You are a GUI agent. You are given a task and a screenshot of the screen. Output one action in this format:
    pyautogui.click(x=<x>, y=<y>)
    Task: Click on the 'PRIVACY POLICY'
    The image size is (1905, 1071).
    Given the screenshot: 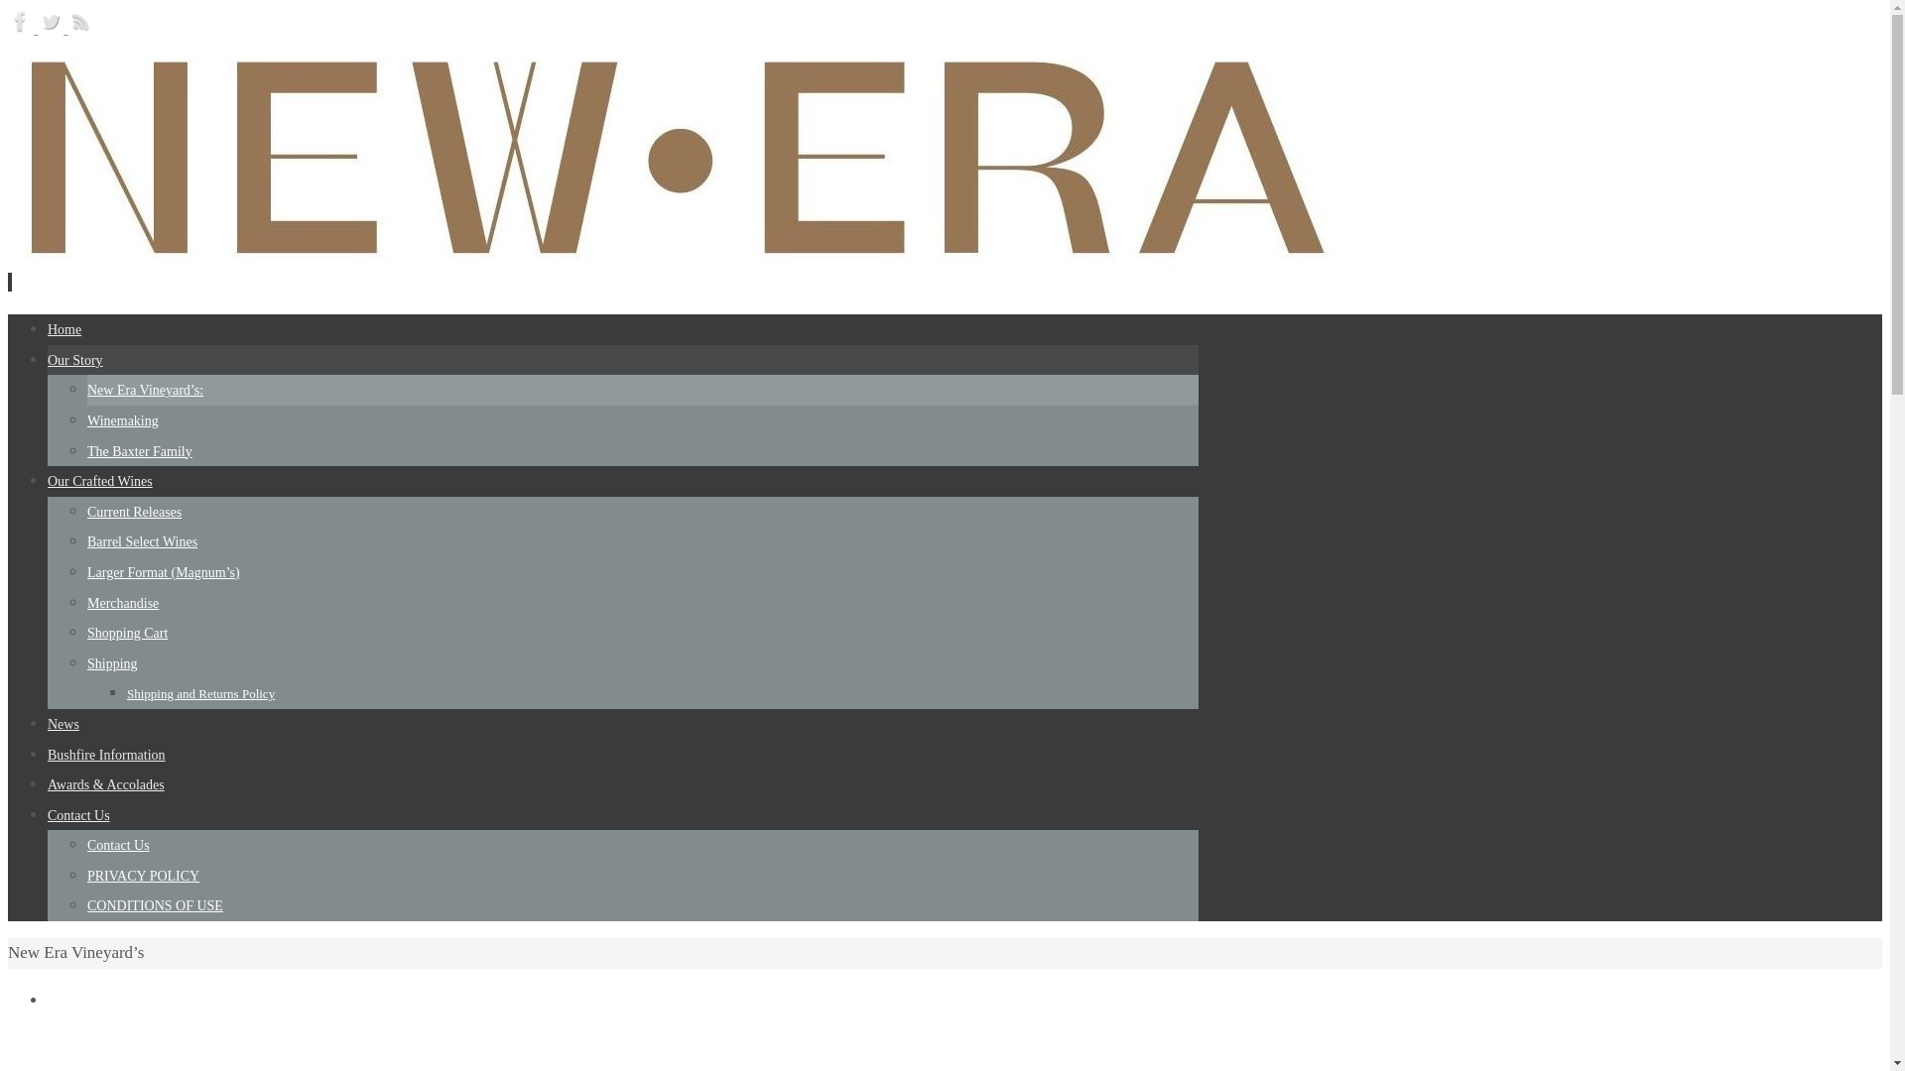 What is the action you would take?
    pyautogui.click(x=142, y=875)
    